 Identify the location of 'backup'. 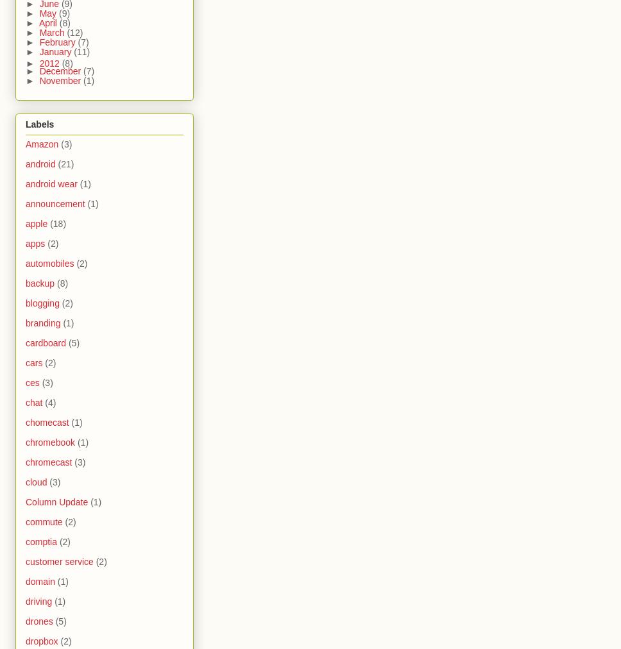
(39, 283).